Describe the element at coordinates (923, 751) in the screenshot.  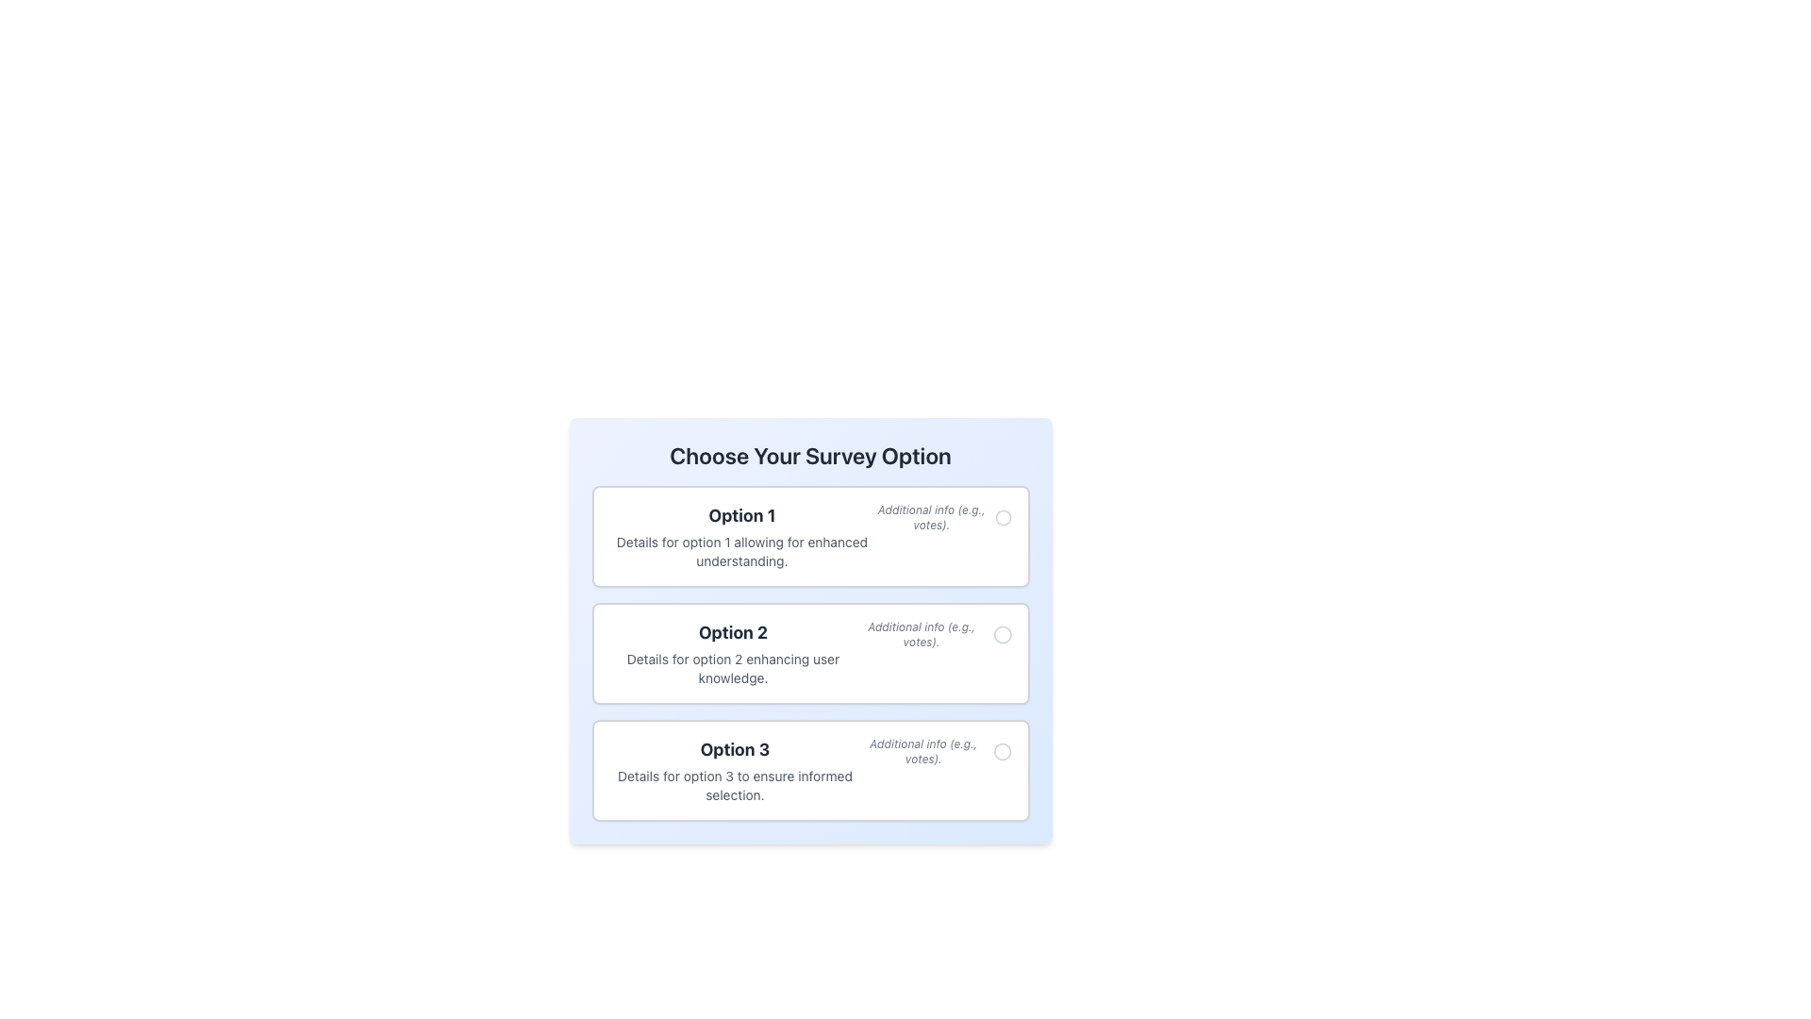
I see `the text label displaying 'Additional info (e.g., votes).' which is positioned to the right of the descriptive text and to the left of a radio button in a survey option group` at that location.